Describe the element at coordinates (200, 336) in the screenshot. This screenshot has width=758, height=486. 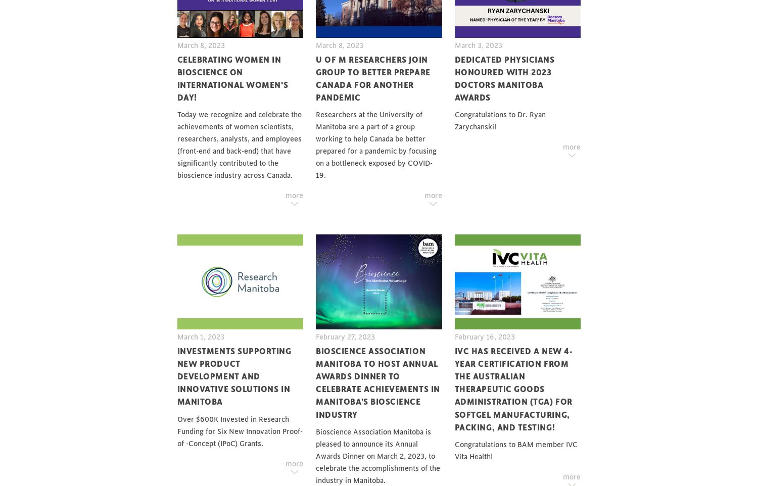
I see `'March 1, 2023'` at that location.